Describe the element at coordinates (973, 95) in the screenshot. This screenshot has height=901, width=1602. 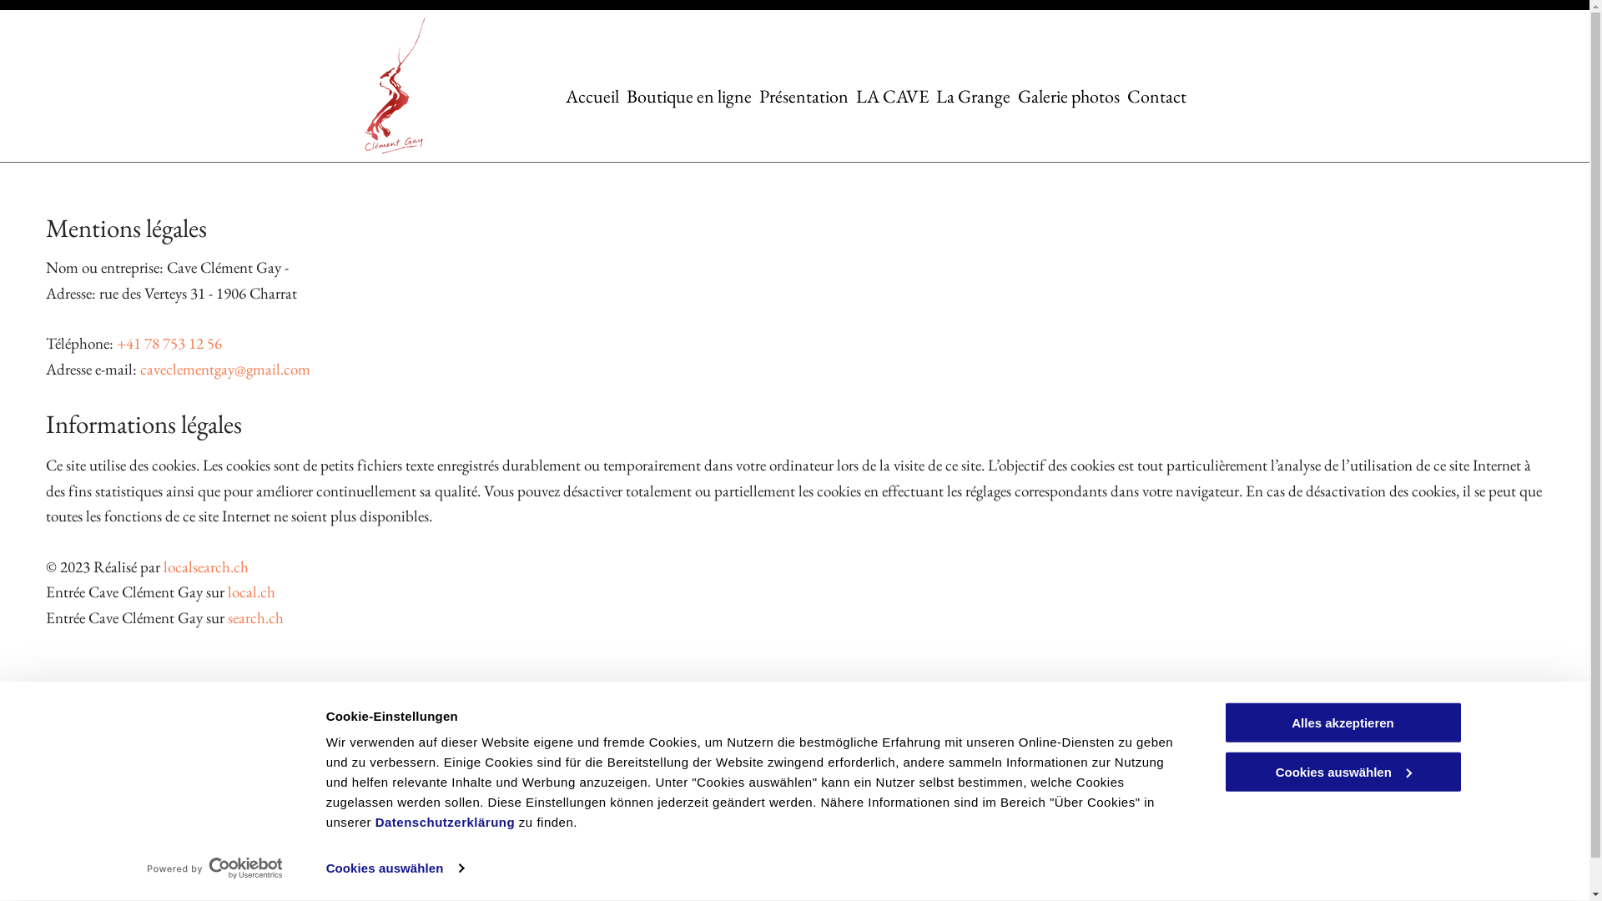
I see `'La Grange'` at that location.